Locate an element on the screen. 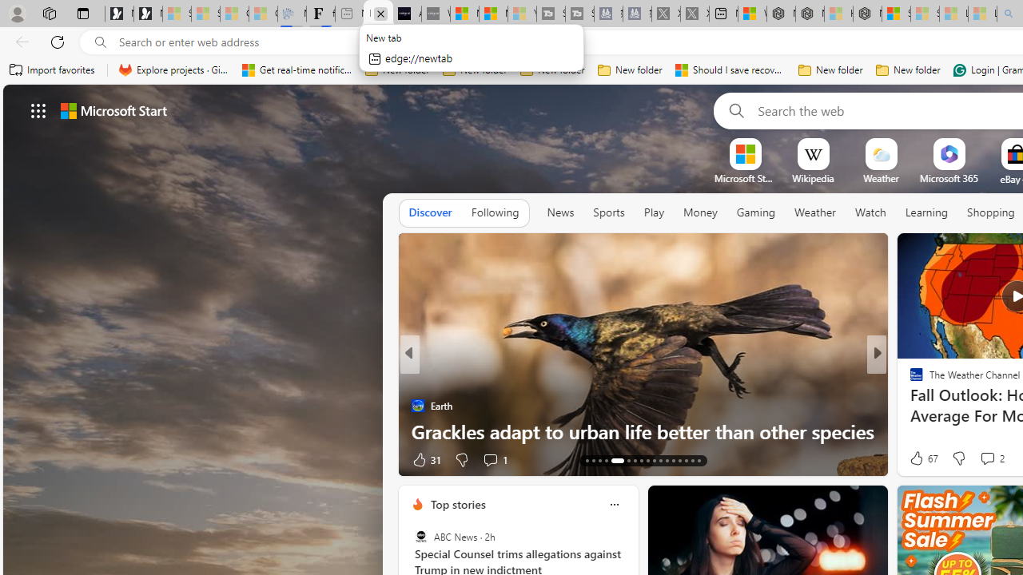 This screenshot has height=575, width=1023. 'Top stories' is located at coordinates (456, 504).